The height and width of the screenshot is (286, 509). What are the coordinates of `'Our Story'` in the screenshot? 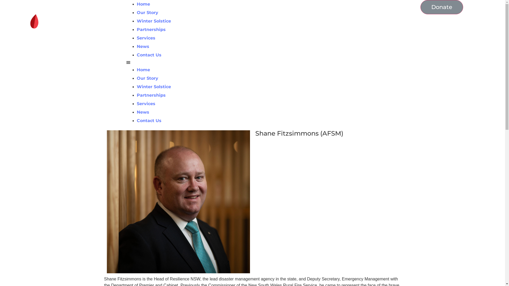 It's located at (147, 78).